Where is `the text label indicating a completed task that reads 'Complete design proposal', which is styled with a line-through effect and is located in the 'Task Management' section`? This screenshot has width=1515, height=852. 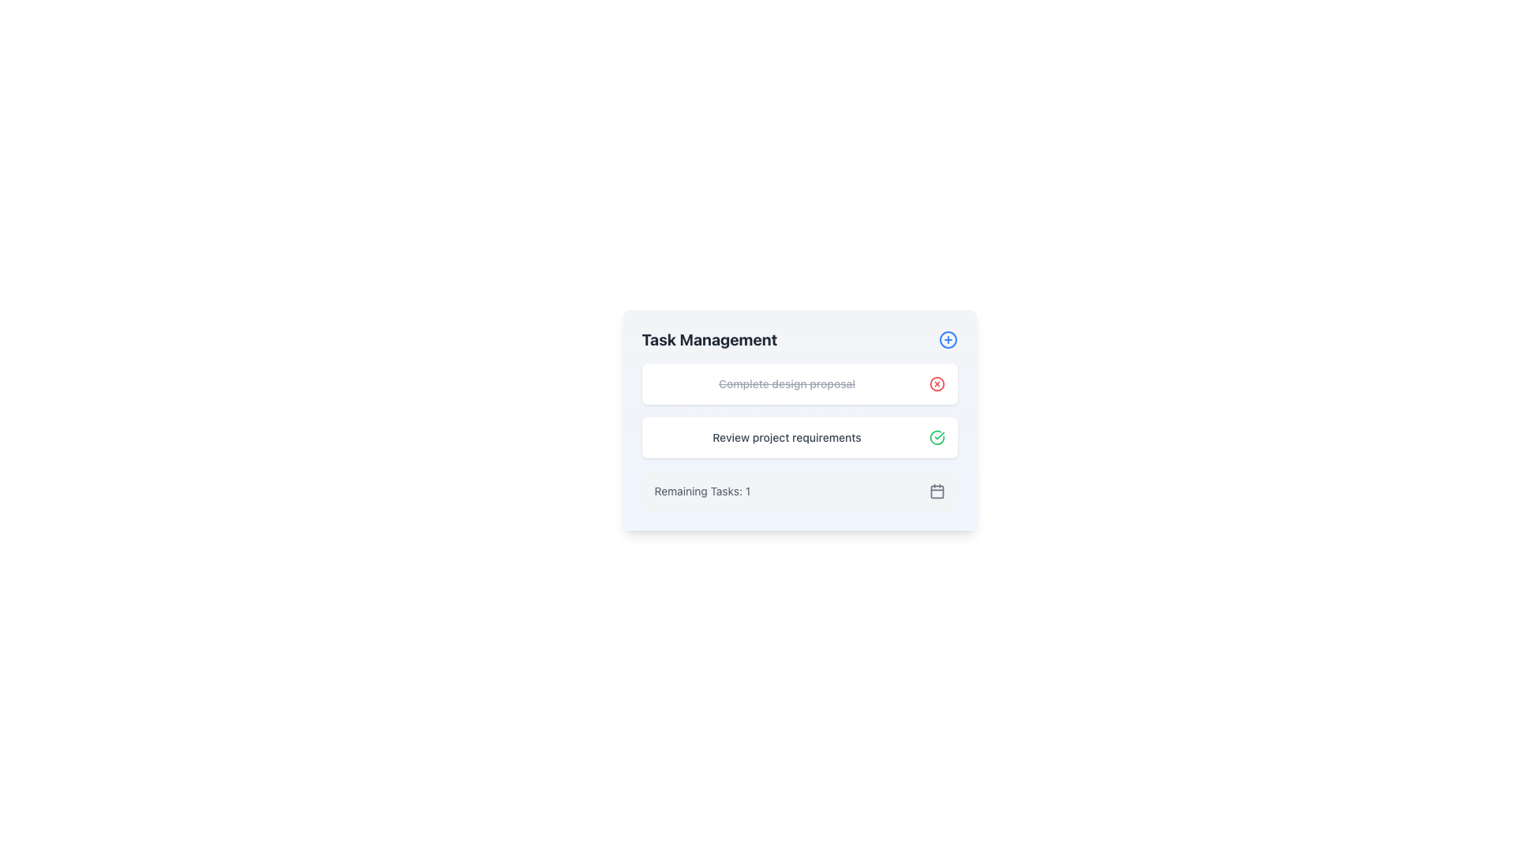
the text label indicating a completed task that reads 'Complete design proposal', which is styled with a line-through effect and is located in the 'Task Management' section is located at coordinates (787, 383).